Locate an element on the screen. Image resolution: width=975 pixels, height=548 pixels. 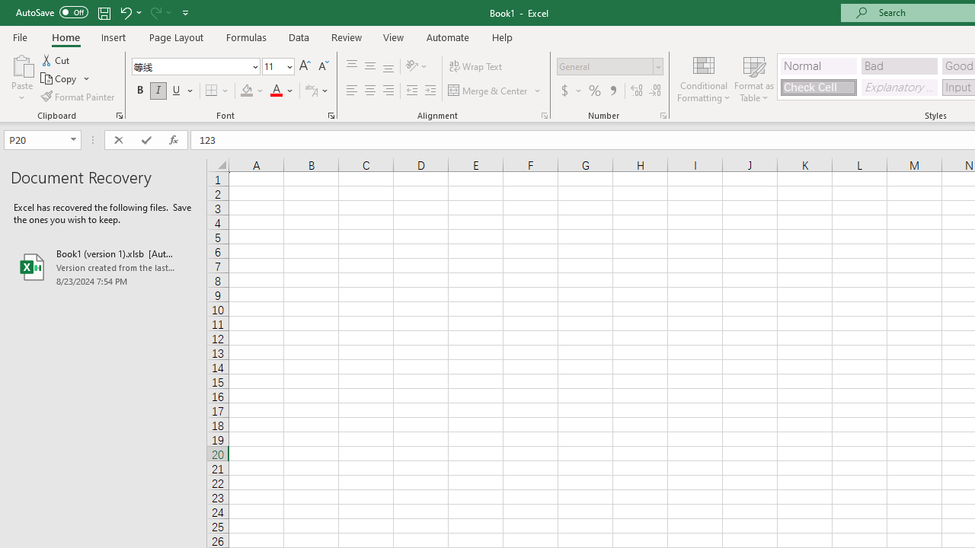
'Format Cell Font' is located at coordinates (331, 114).